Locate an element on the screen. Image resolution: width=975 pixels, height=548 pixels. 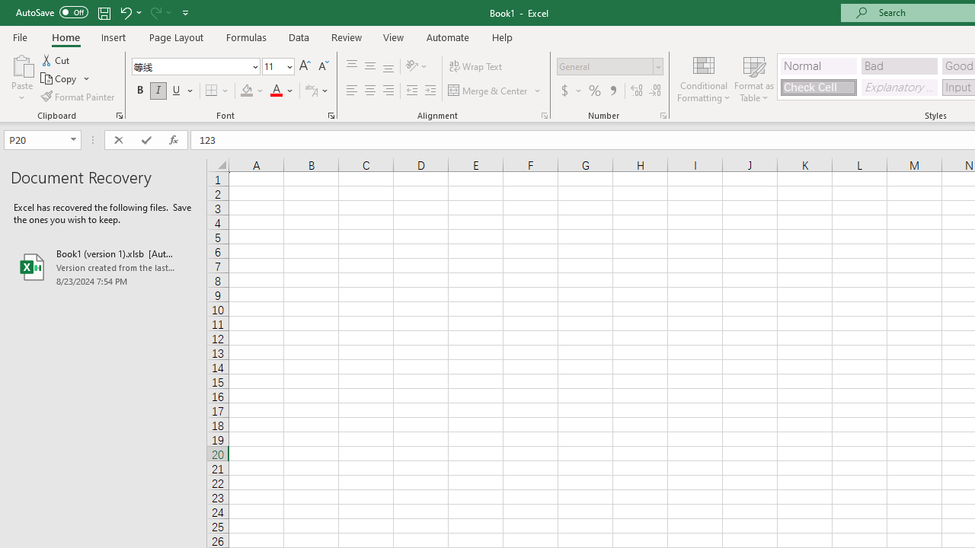
'Format Cell Font' is located at coordinates (331, 114).